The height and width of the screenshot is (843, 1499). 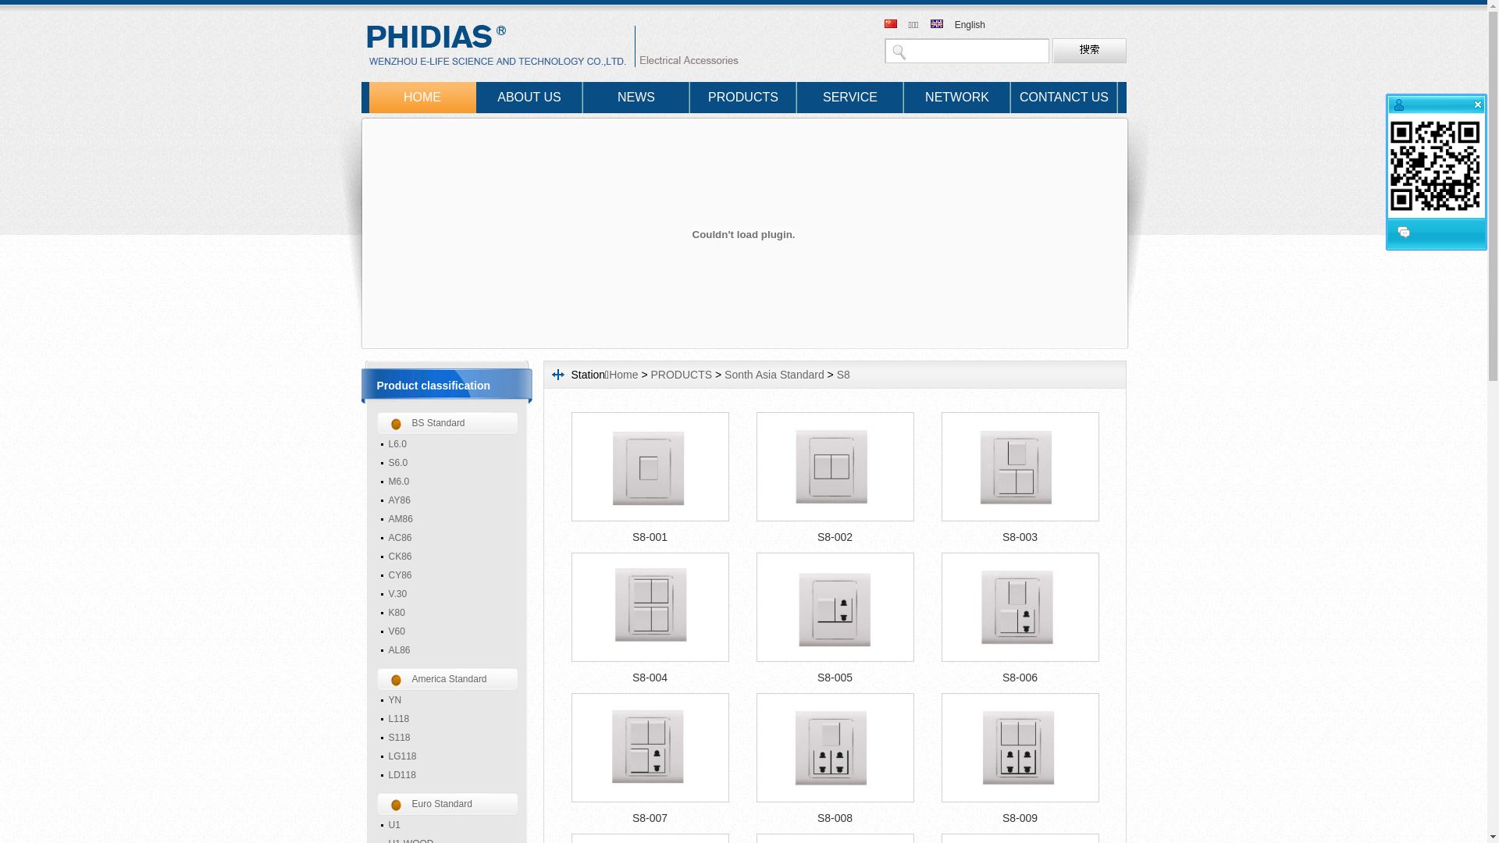 I want to click on 'S8-008', so click(x=834, y=817).